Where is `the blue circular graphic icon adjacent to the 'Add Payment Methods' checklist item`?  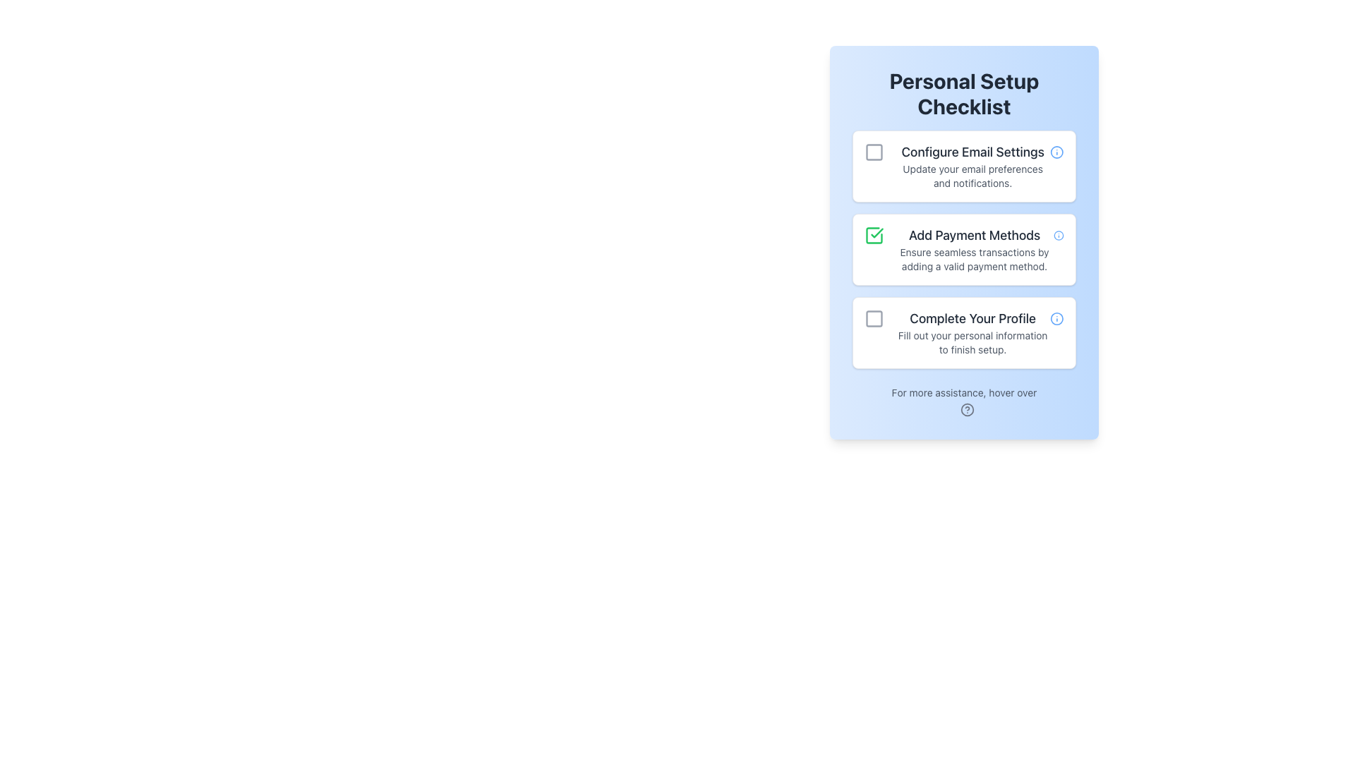 the blue circular graphic icon adjacent to the 'Add Payment Methods' checklist item is located at coordinates (1059, 235).